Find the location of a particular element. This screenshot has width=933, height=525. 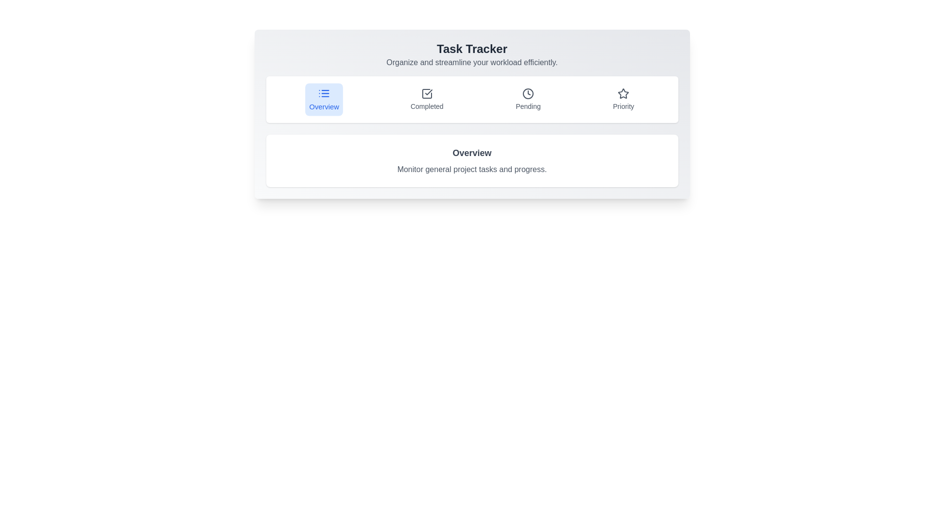

the Completed tab to view its content is located at coordinates (427, 99).